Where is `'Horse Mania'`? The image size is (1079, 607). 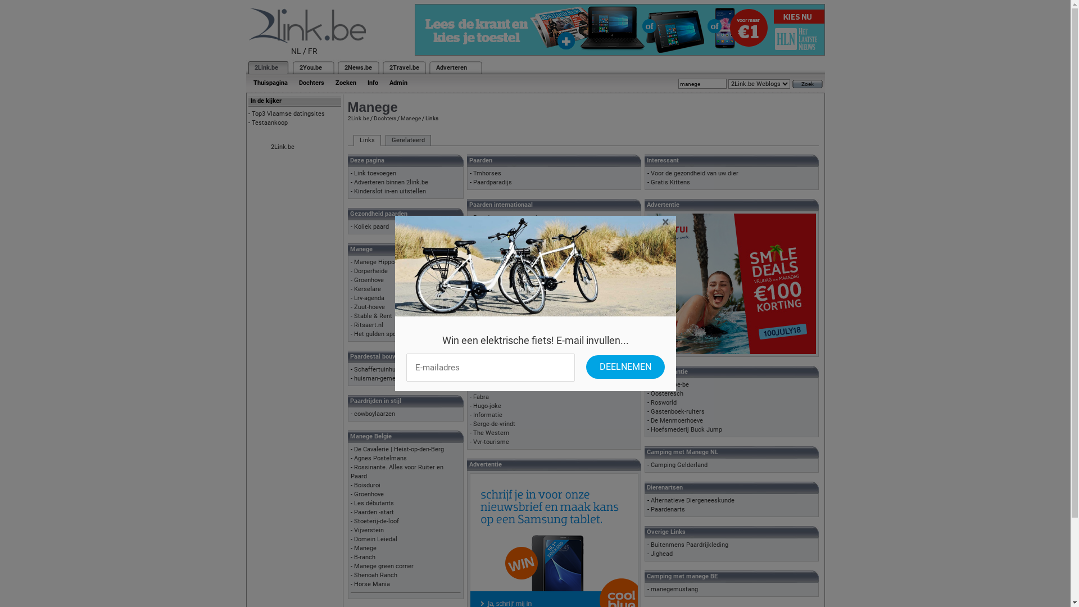
'Horse Mania' is located at coordinates (372, 583).